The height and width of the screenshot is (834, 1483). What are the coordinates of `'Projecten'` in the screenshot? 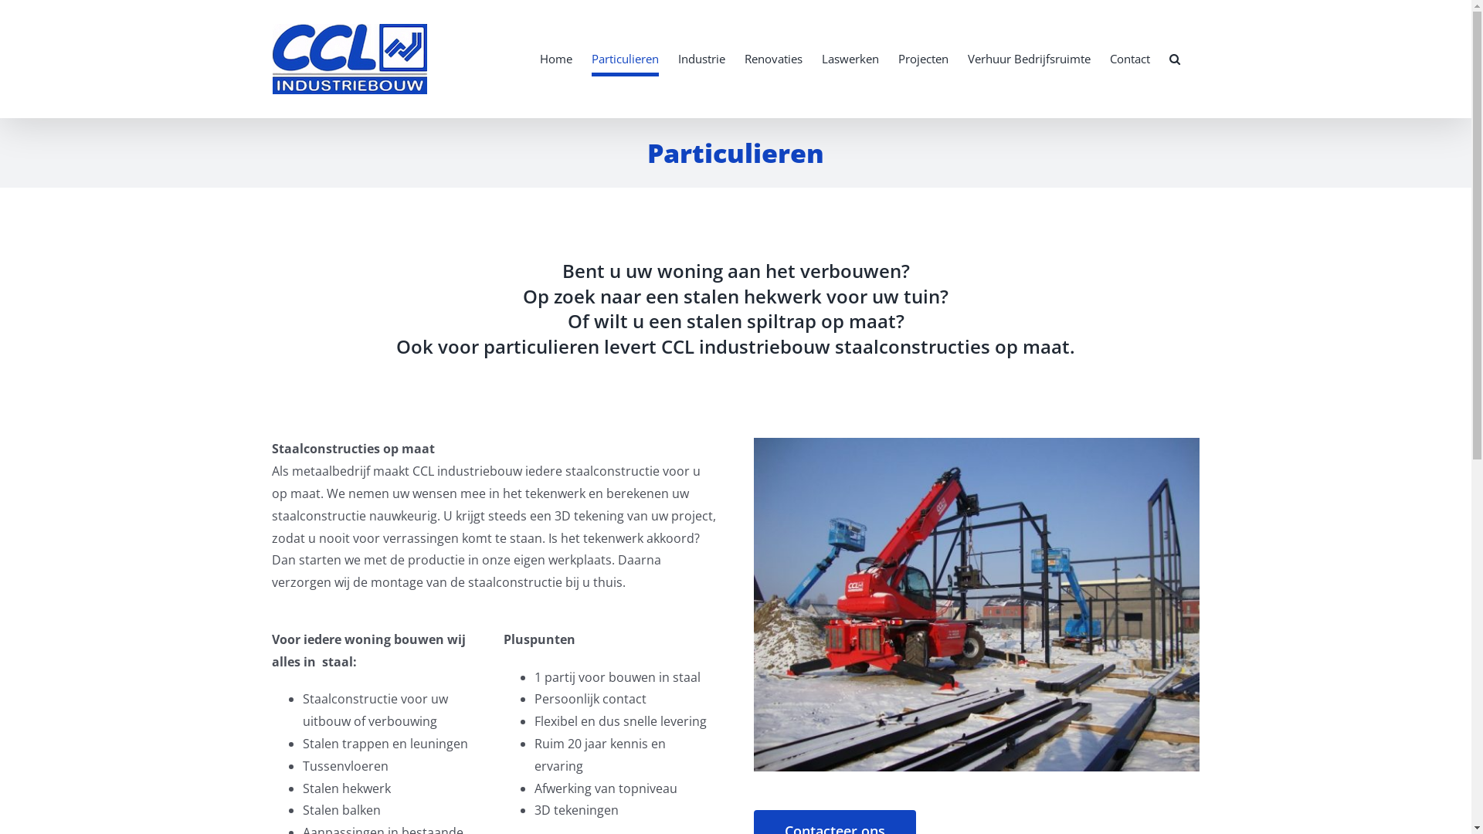 It's located at (922, 58).